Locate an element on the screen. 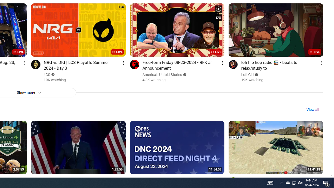 The image size is (334, 188). 'Lofi Girl' is located at coordinates (247, 75).